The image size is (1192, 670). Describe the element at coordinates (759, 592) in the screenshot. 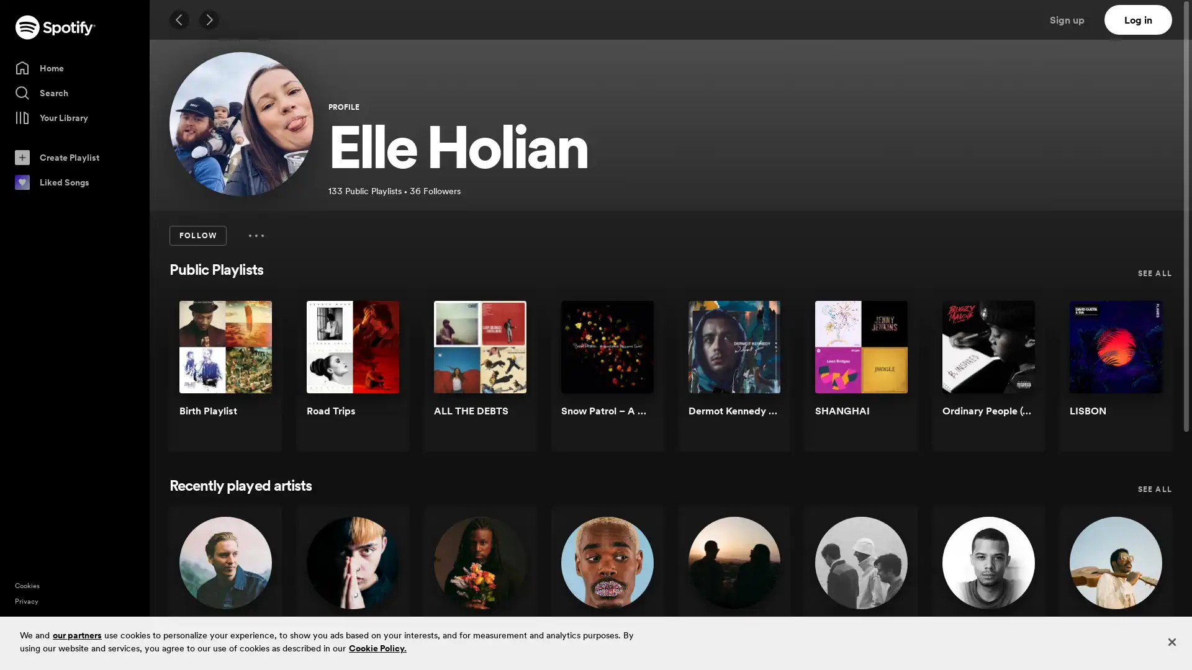

I see `Play Jungle` at that location.